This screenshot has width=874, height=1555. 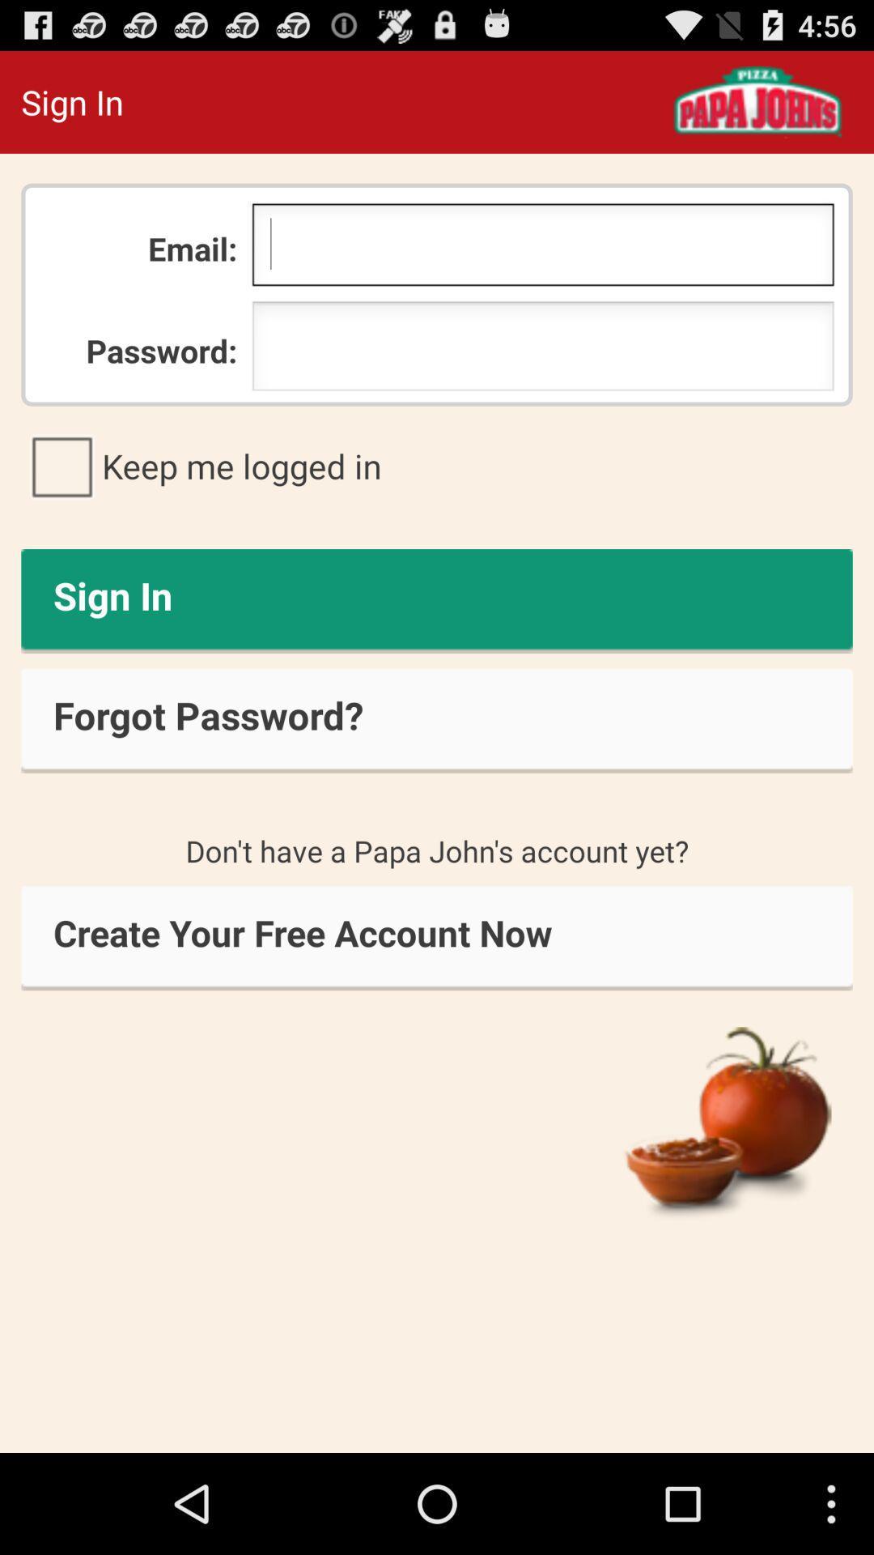 What do you see at coordinates (437, 465) in the screenshot?
I see `the keep me logged icon` at bounding box center [437, 465].